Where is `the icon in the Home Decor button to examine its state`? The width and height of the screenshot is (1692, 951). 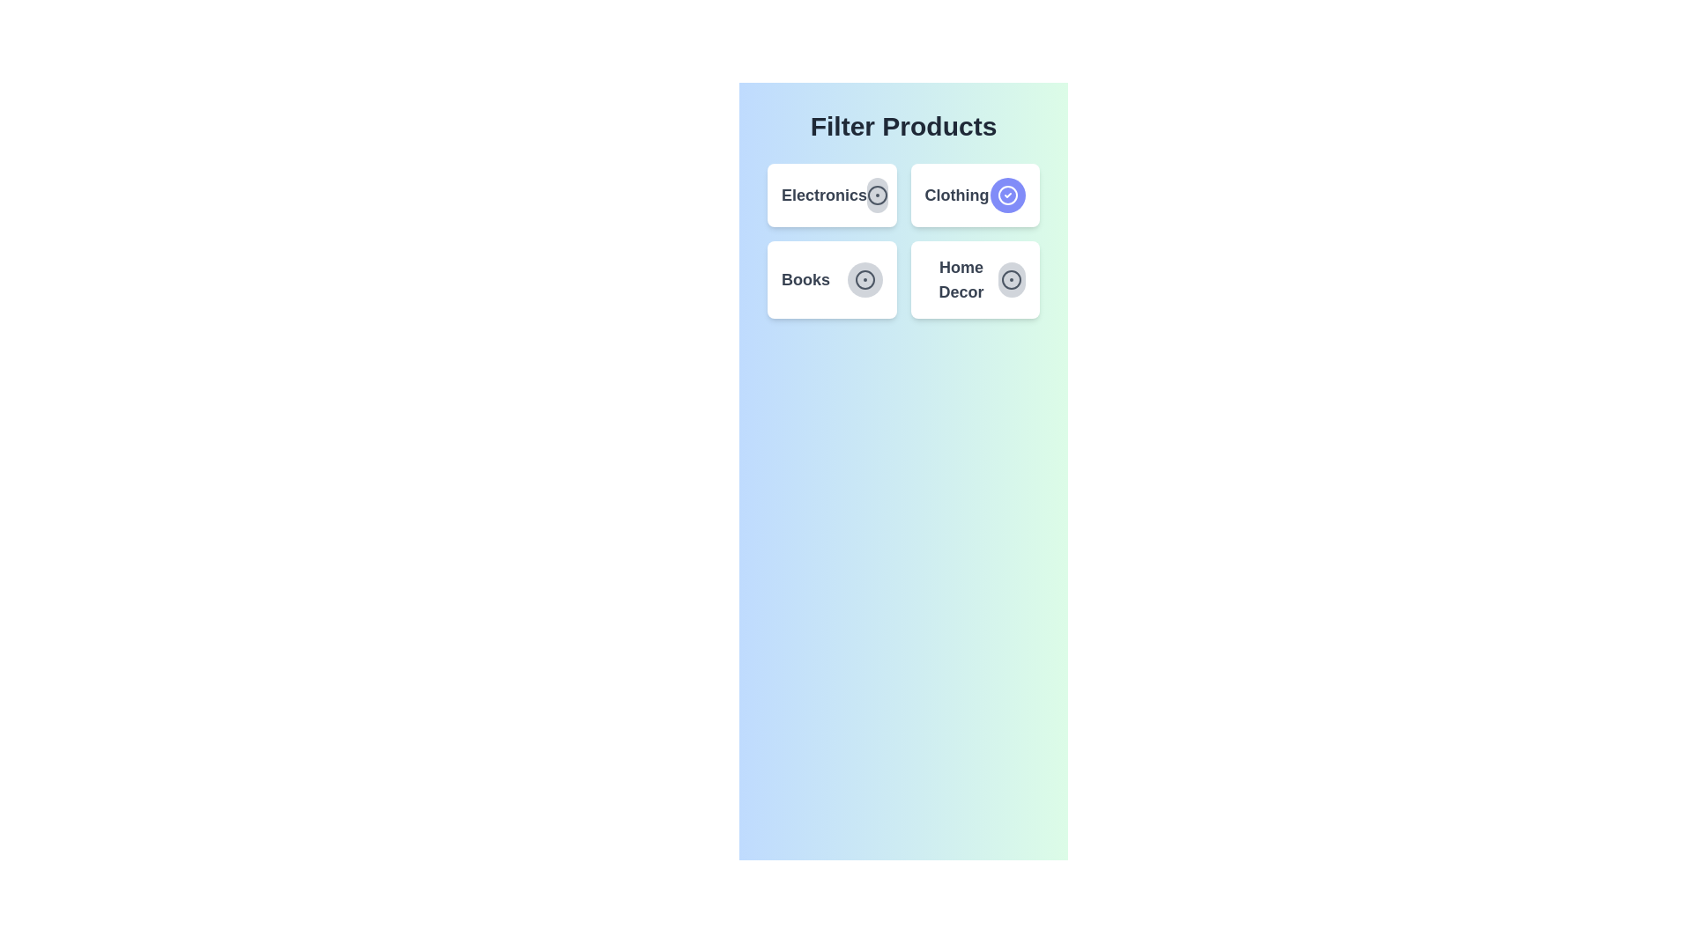
the icon in the Home Decor button to examine its state is located at coordinates (1012, 278).